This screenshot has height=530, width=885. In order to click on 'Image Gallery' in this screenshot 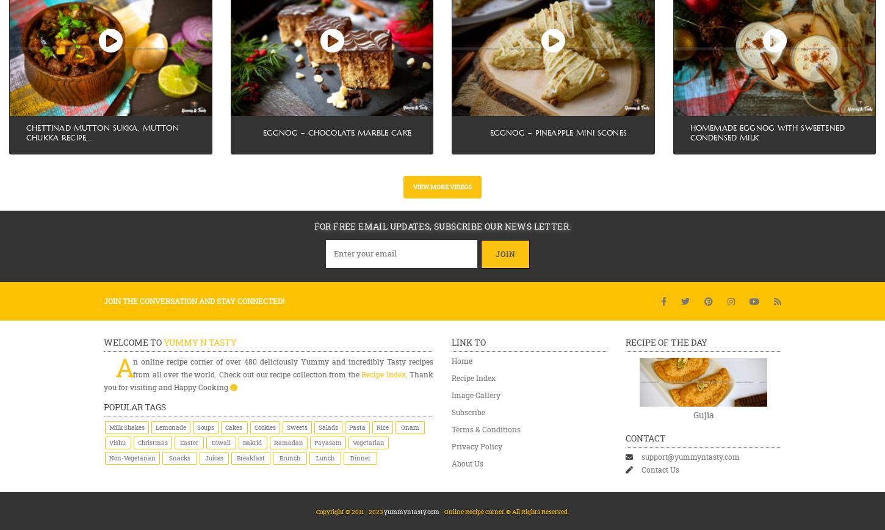, I will do `click(451, 394)`.